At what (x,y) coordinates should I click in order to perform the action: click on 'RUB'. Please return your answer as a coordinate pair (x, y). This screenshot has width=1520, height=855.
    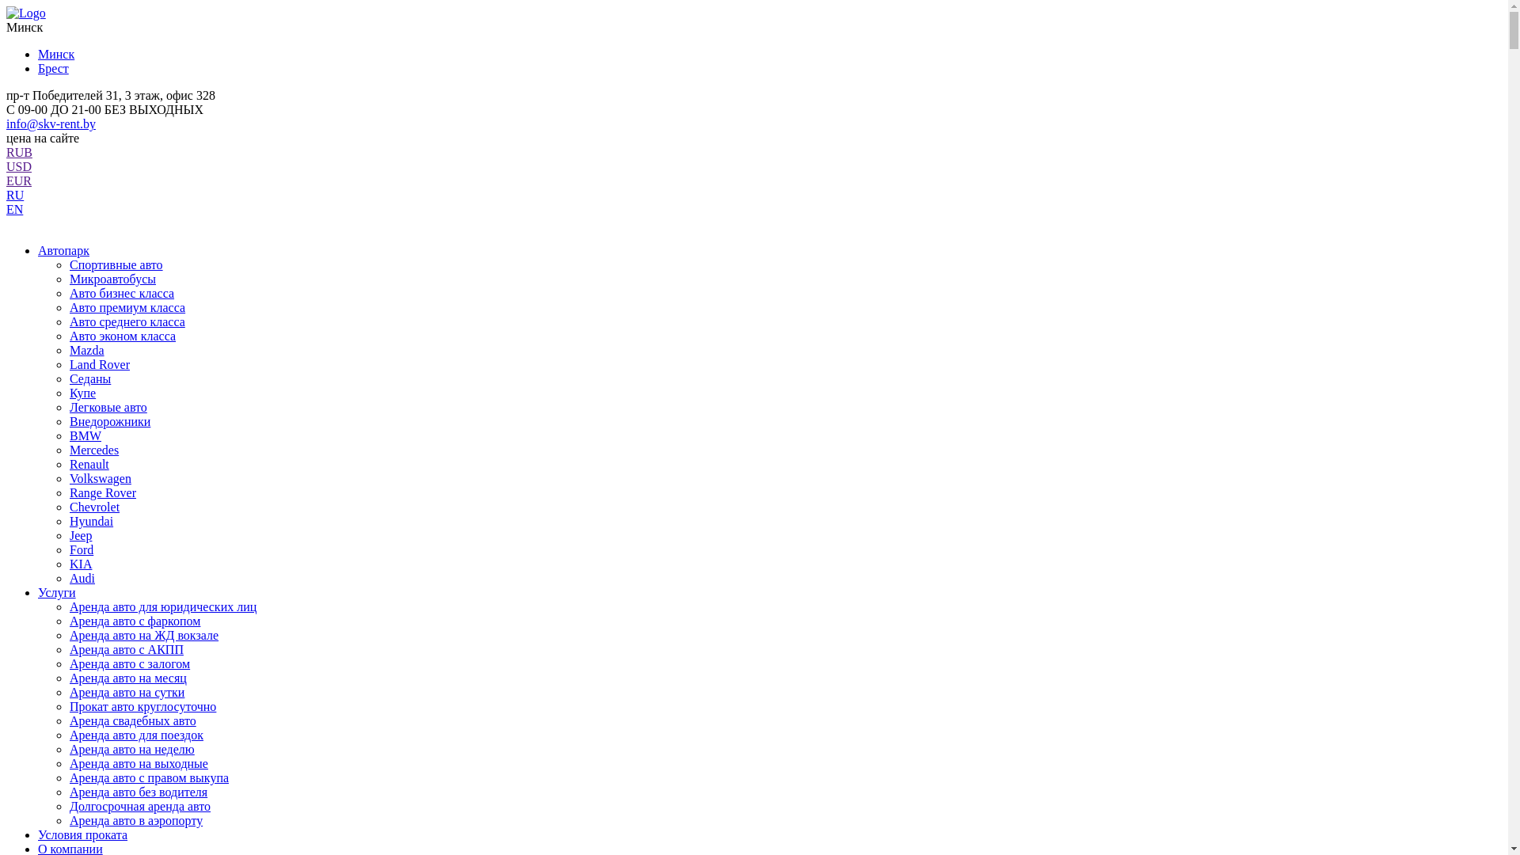
    Looking at the image, I should click on (19, 152).